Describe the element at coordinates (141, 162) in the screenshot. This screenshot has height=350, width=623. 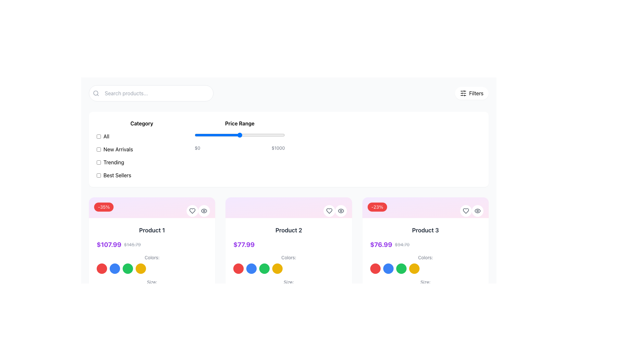
I see `the checkbox labeled 'Trending'` at that location.